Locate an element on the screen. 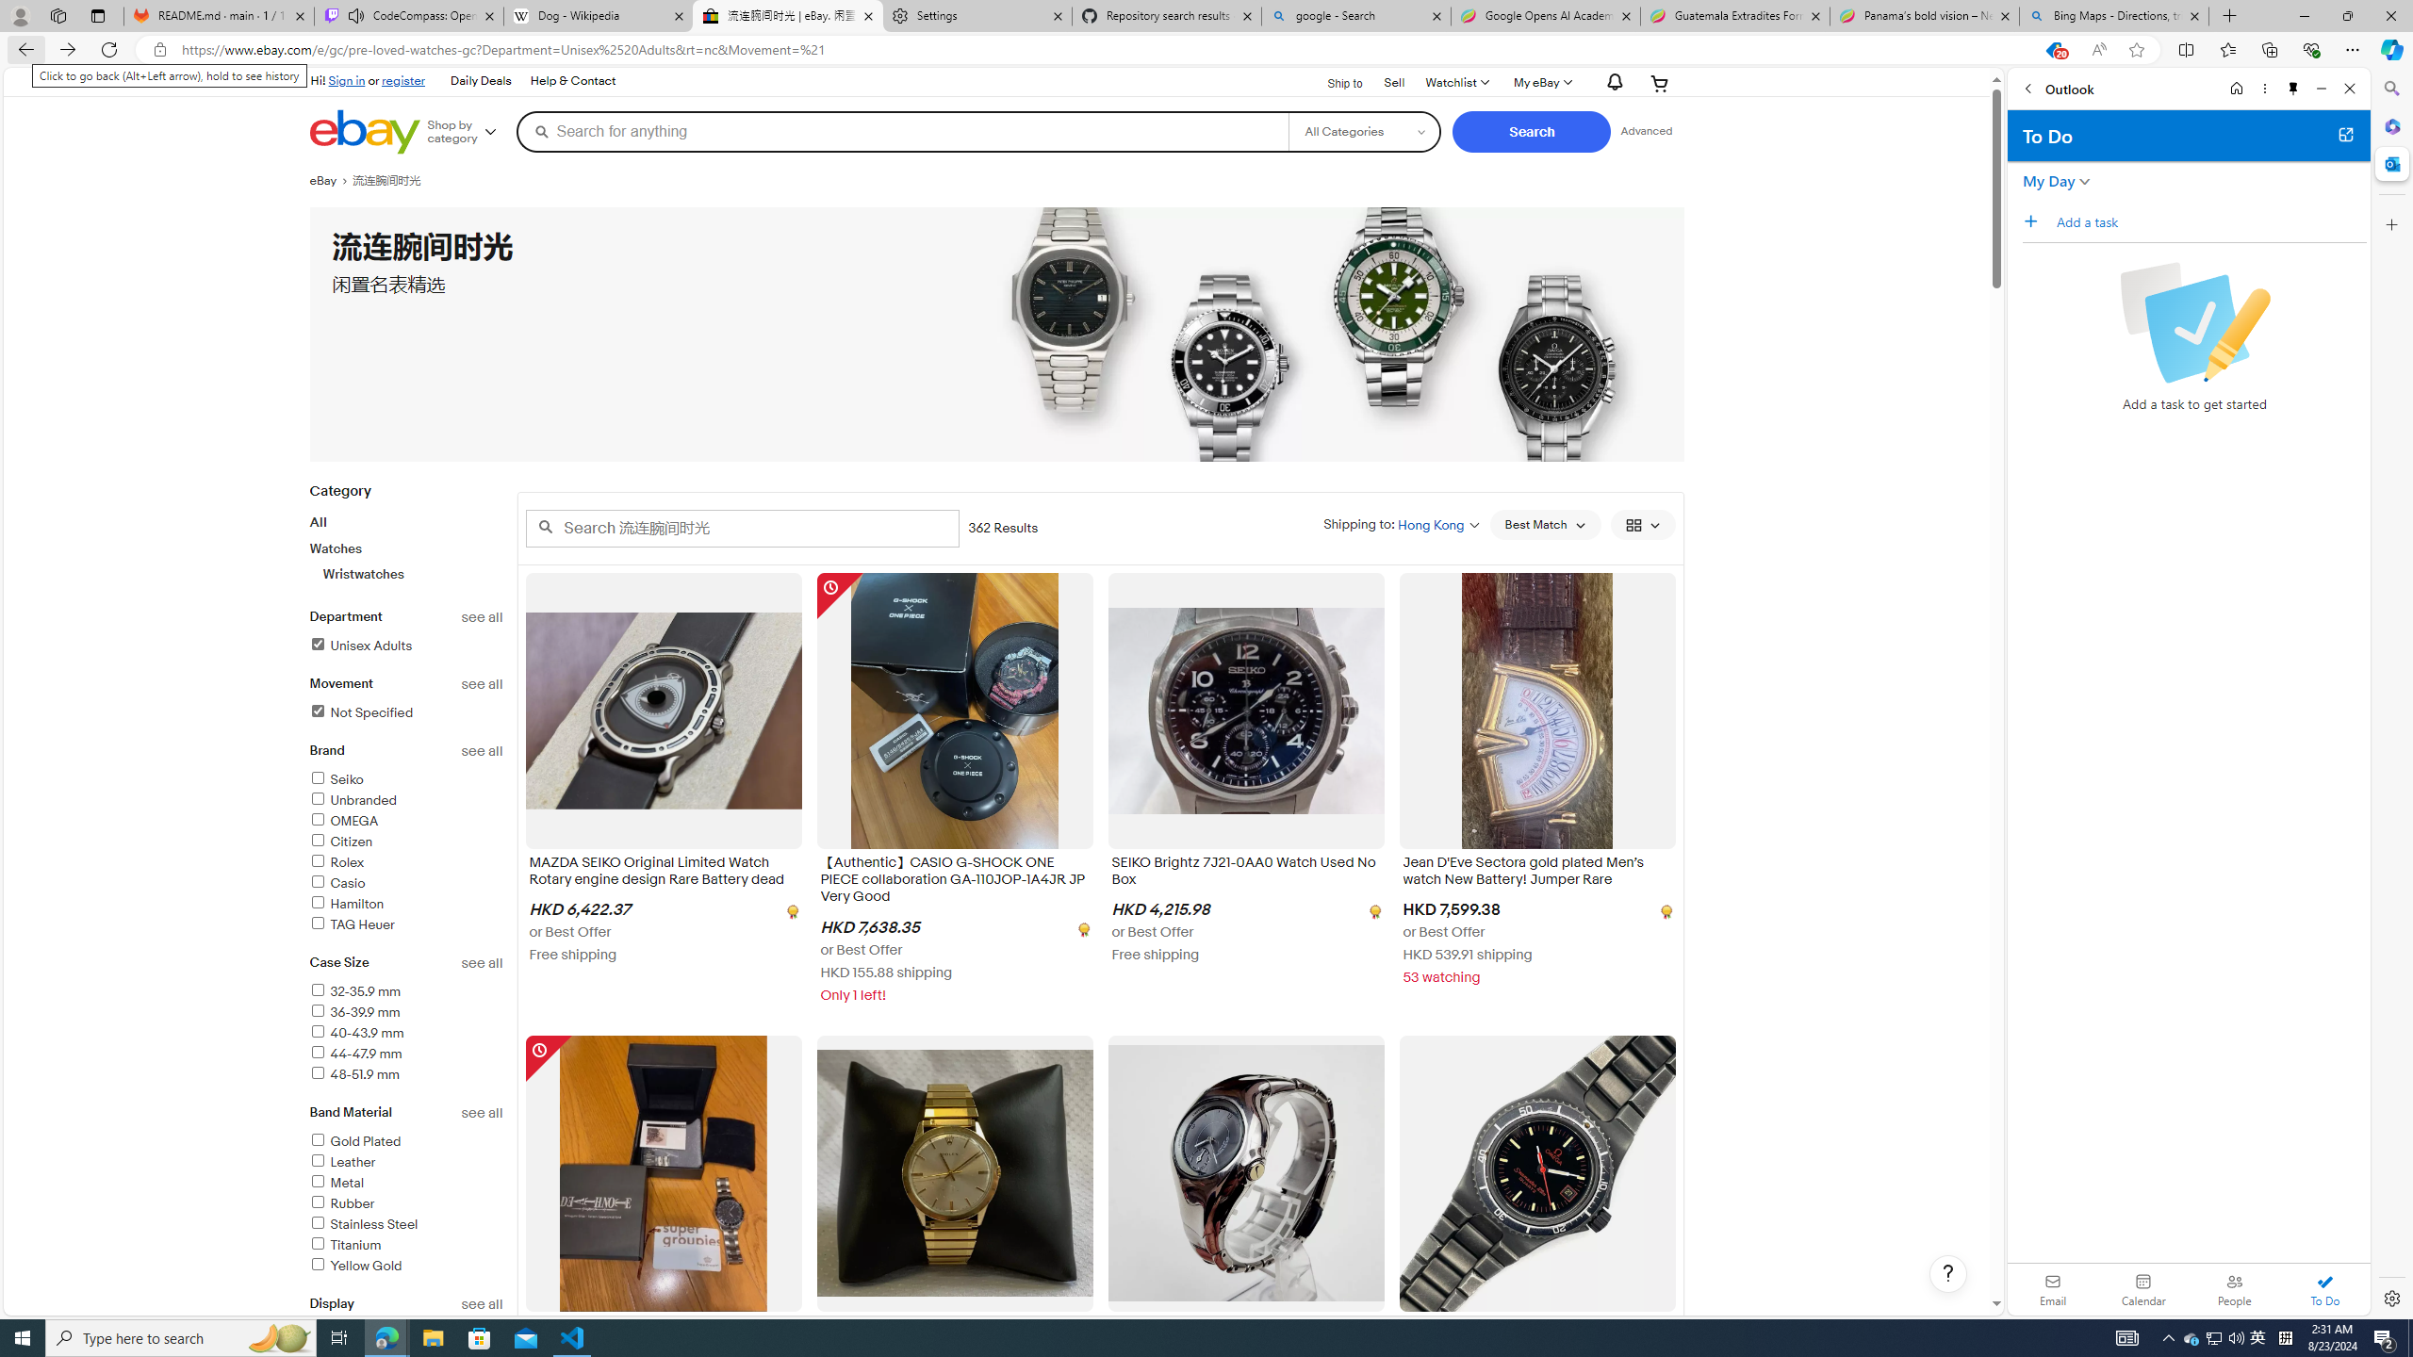  'Sign in' is located at coordinates (346, 79).